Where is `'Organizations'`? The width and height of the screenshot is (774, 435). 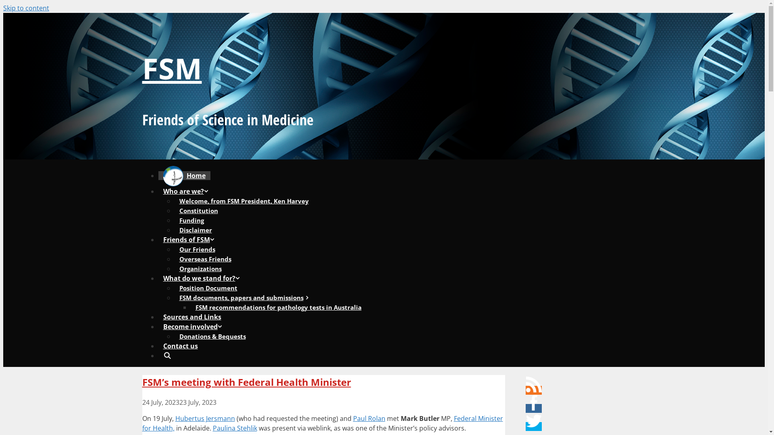 'Organizations' is located at coordinates (200, 269).